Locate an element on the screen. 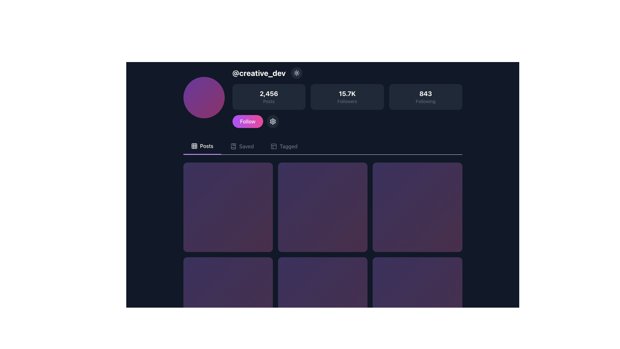  the 'Saved' button with a bookmark icon in the horizontal menu bar to change its appearance is located at coordinates (242, 146).